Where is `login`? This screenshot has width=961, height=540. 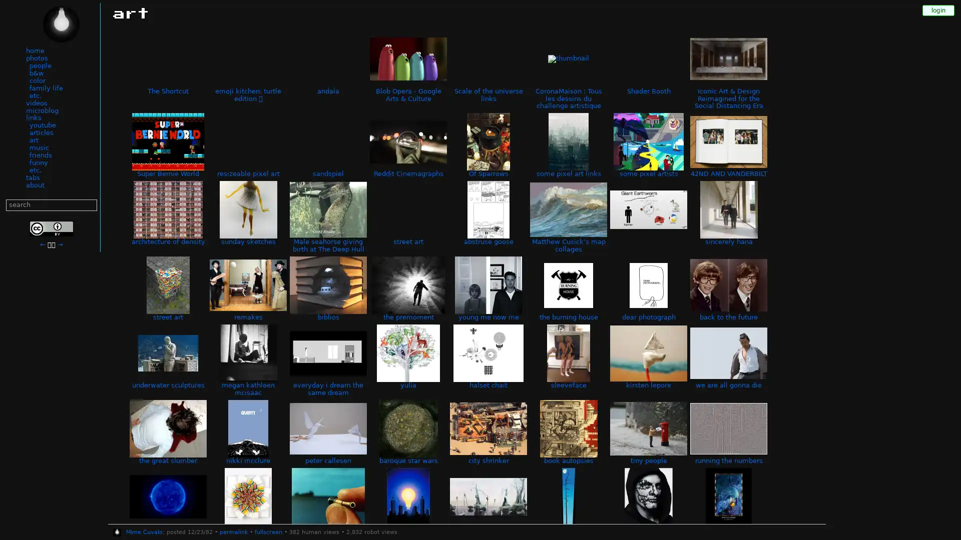 login is located at coordinates (938, 10).